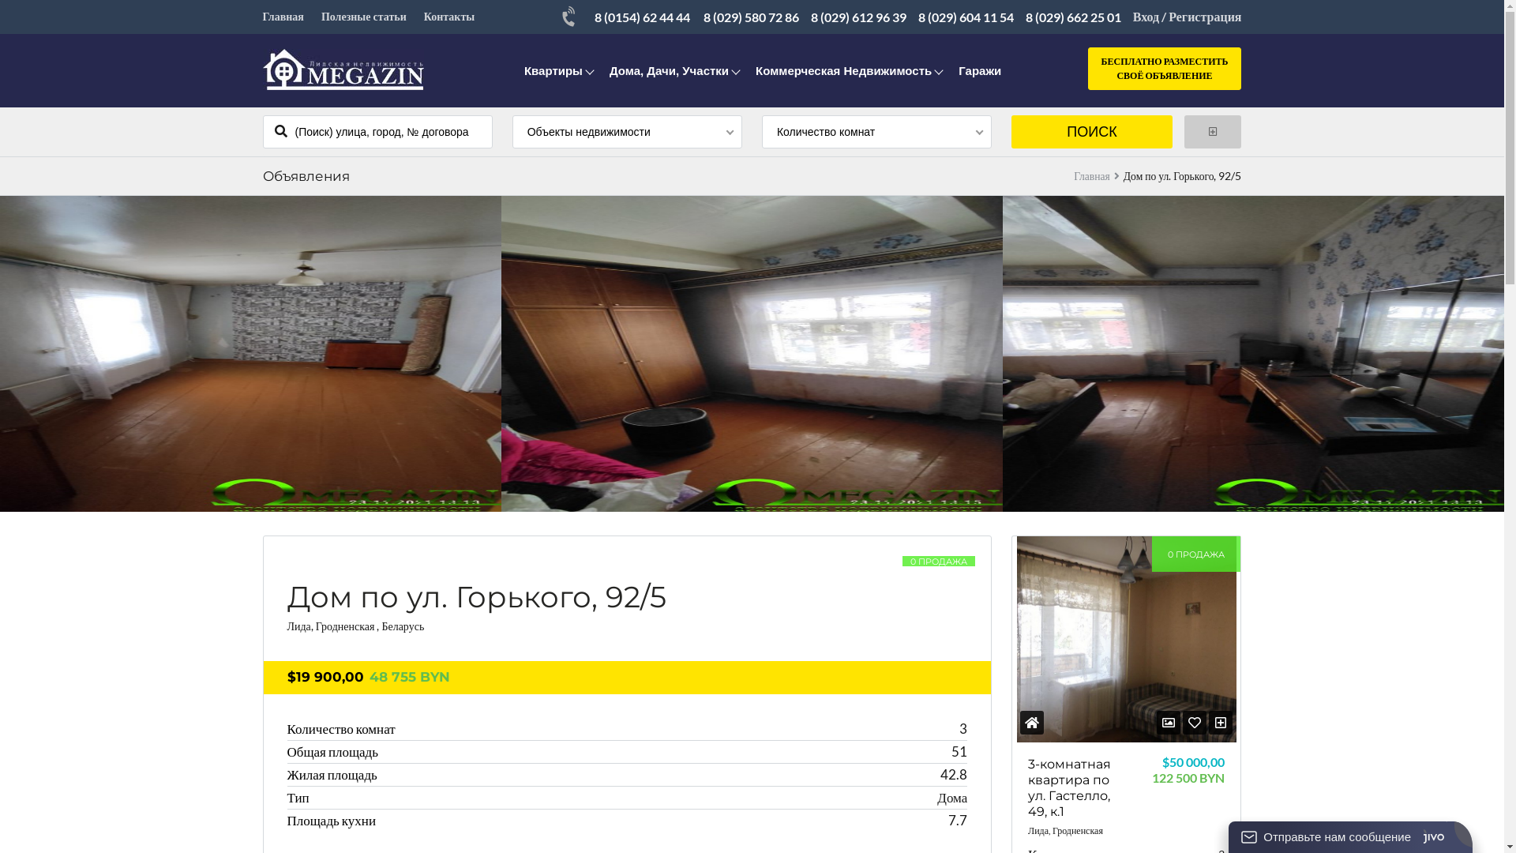 Image resolution: width=1516 pixels, height=853 pixels. I want to click on '8 (029) 612 96 39', so click(857, 17).